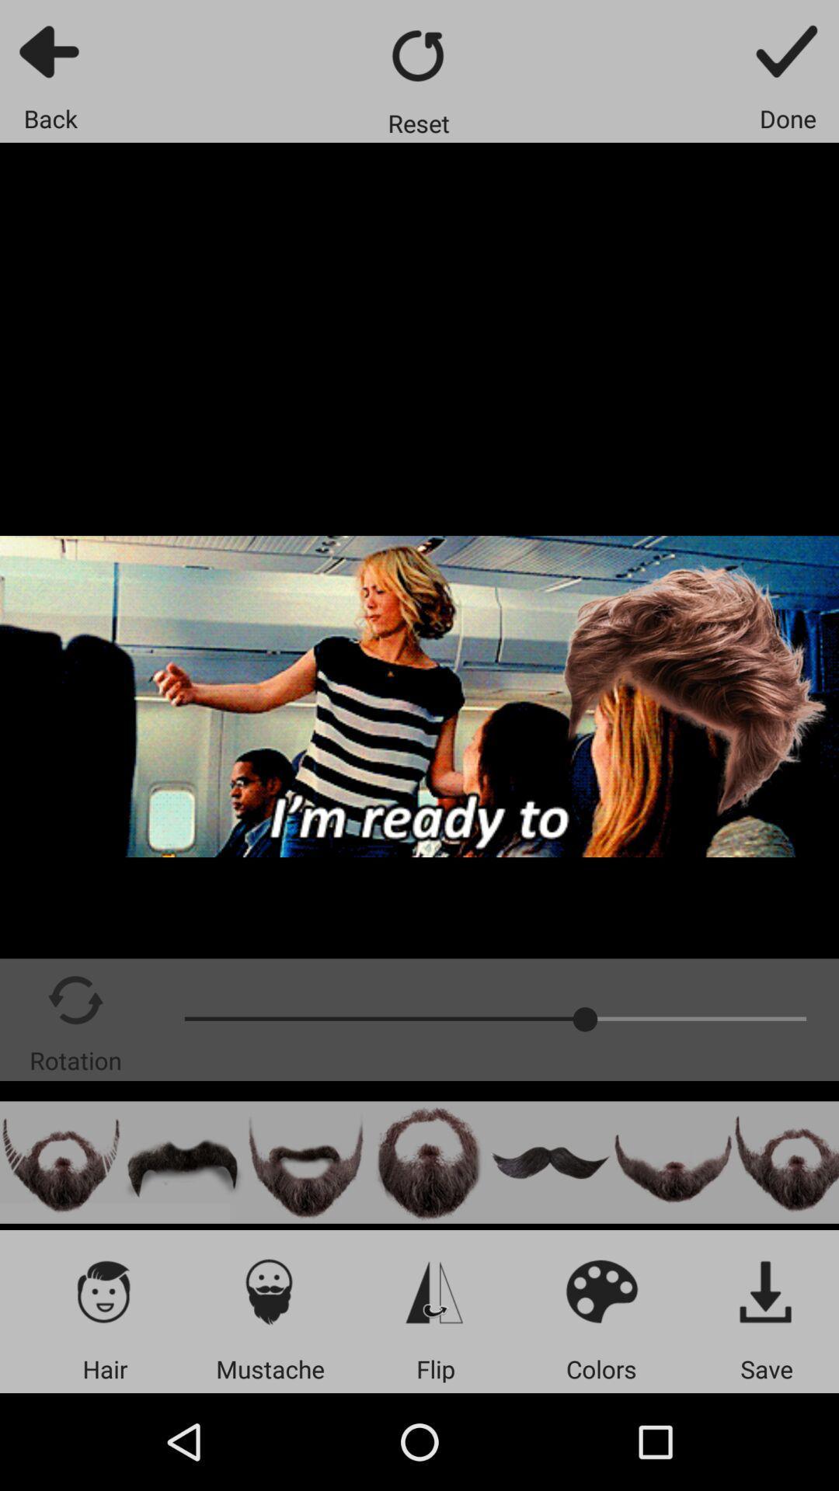  Describe the element at coordinates (435, 1291) in the screenshot. I see `flip image` at that location.